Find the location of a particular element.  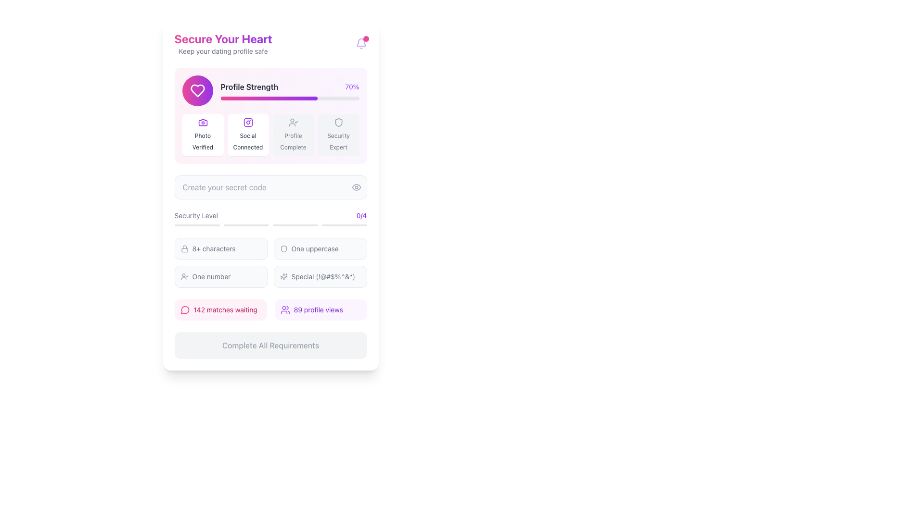

the purple group of people icon located to the left of the text '89 profile views' is located at coordinates (284, 309).